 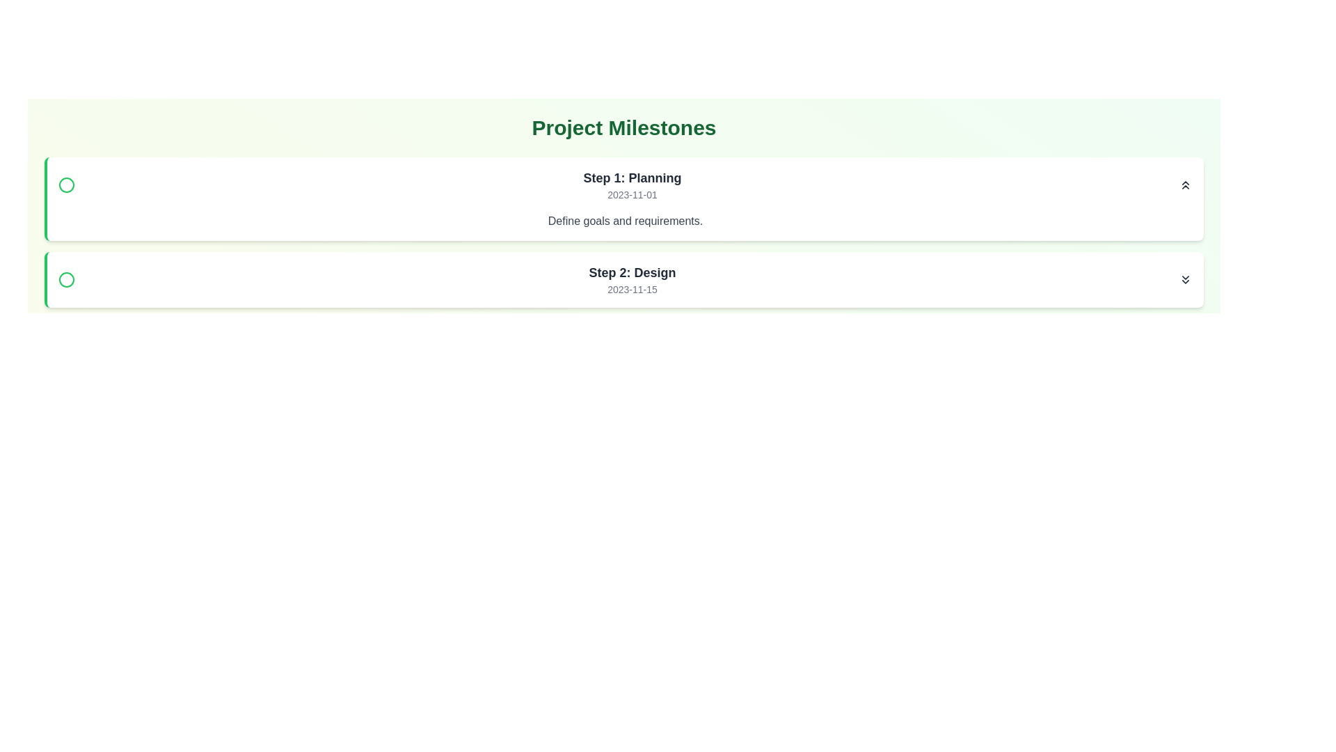 I want to click on the chevrons icon group located on the far right of the 'Step 1: Planning' section header, so click(x=1185, y=185).